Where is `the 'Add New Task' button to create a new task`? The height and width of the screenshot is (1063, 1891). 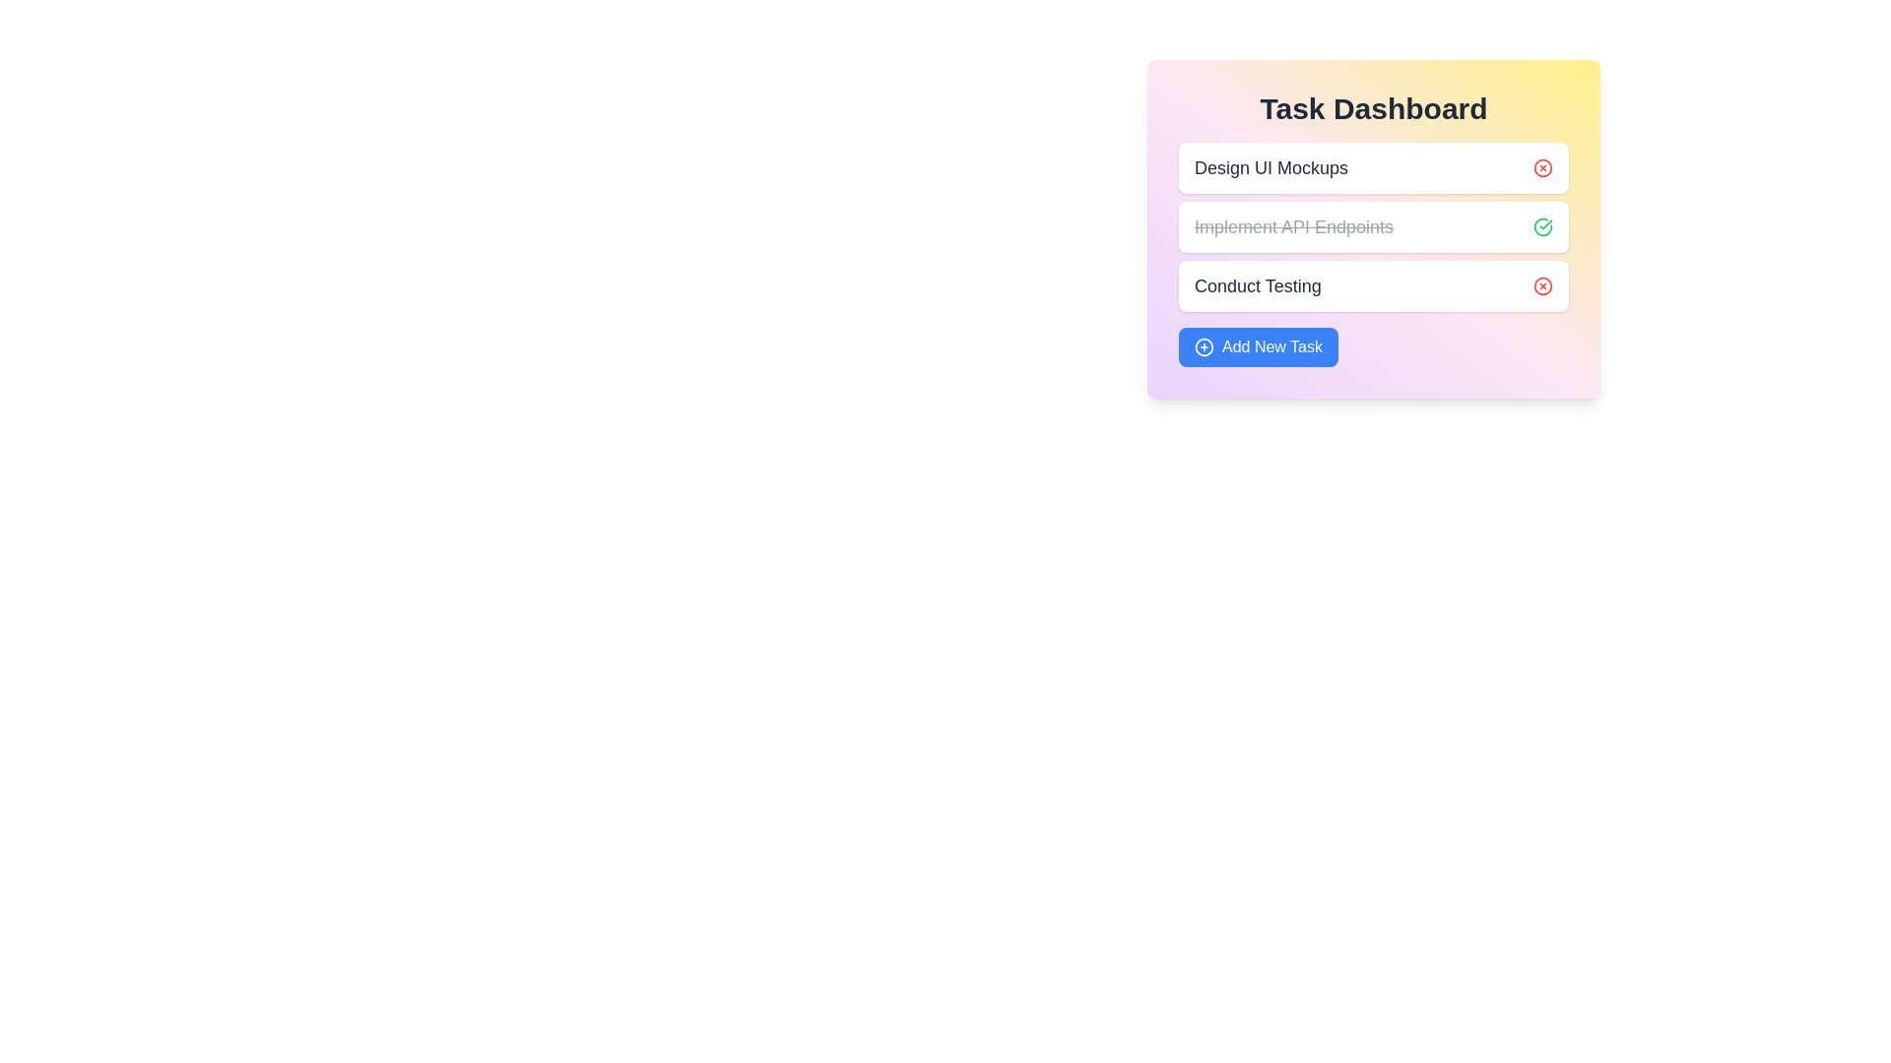 the 'Add New Task' button to create a new task is located at coordinates (1257, 346).